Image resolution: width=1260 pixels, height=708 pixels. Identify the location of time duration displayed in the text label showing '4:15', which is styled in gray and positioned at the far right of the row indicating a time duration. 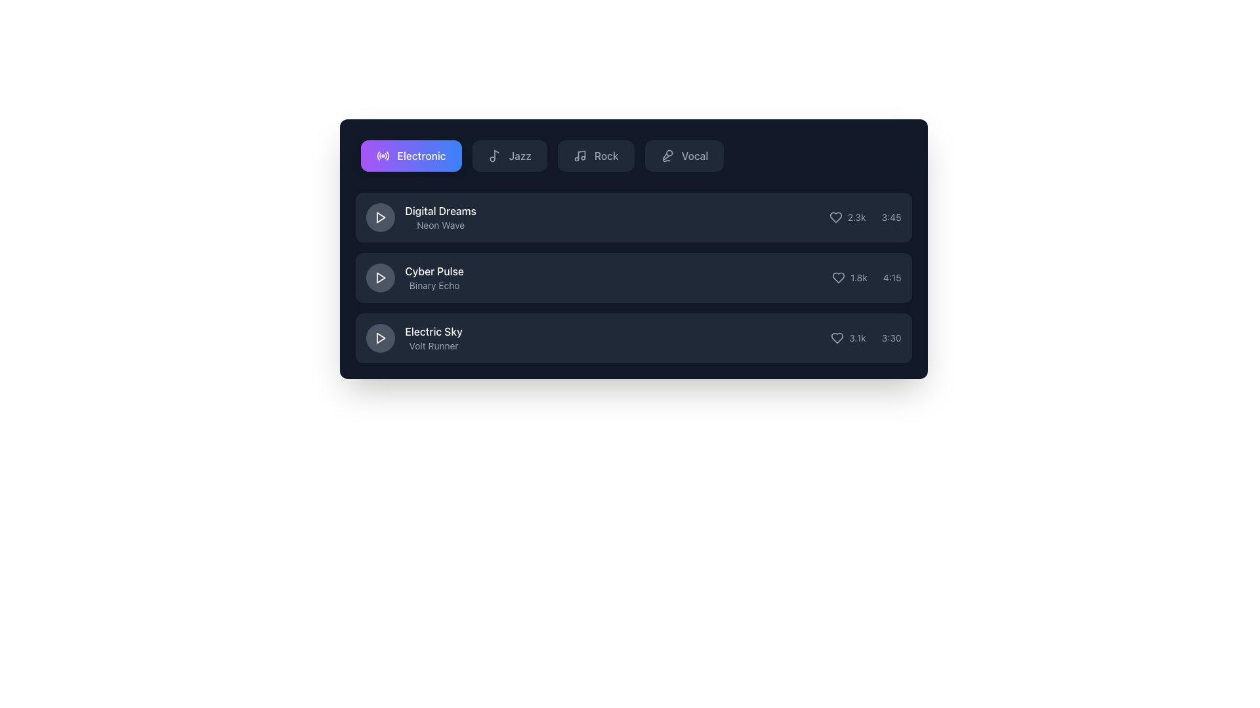
(892, 277).